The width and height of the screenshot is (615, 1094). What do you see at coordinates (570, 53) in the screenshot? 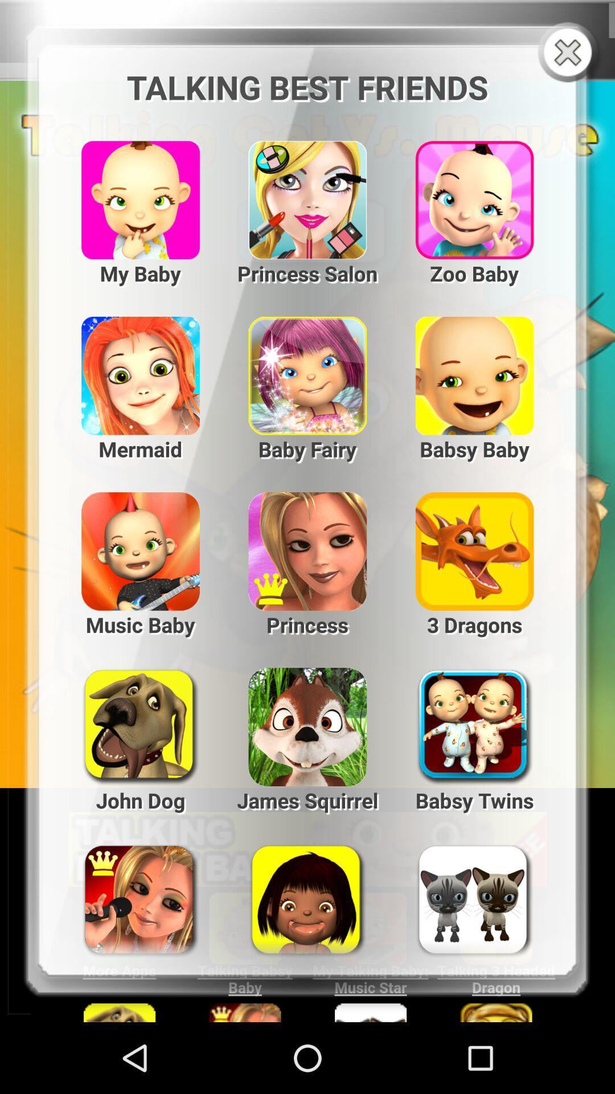
I see `page` at bounding box center [570, 53].